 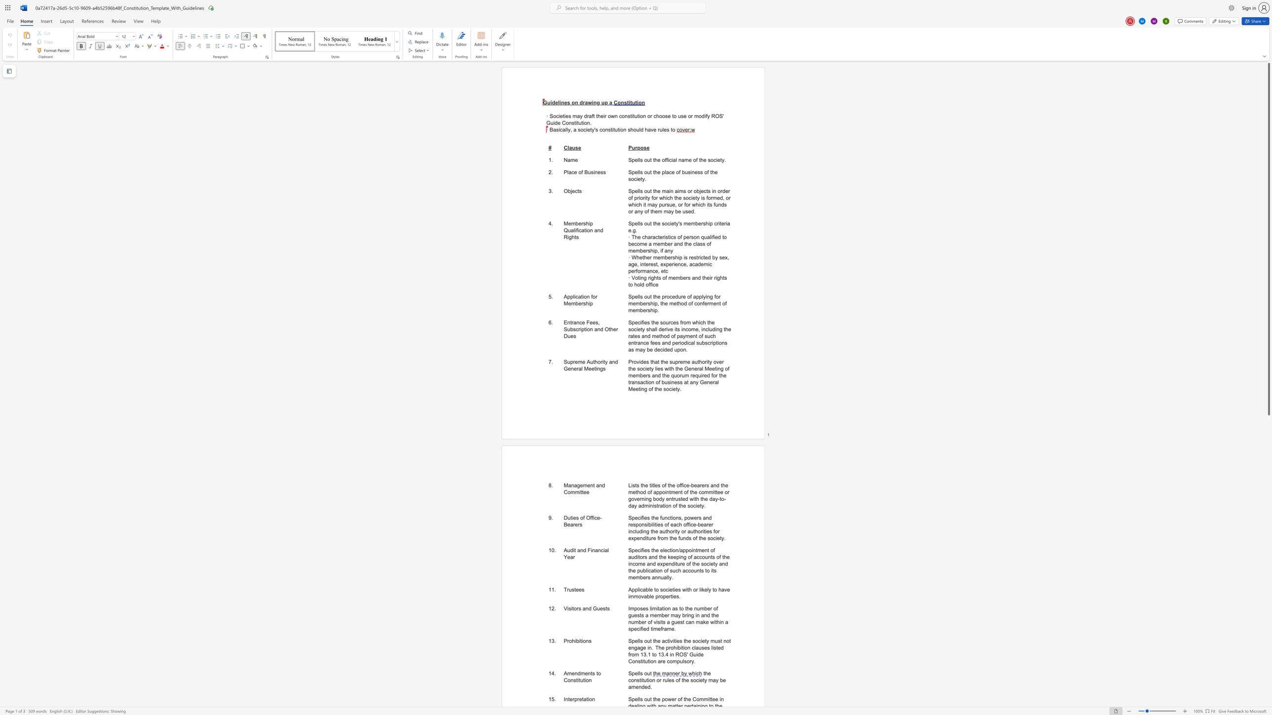 I want to click on the subset text "Other Du" within the text "Entrance Fees, Subscription and Other Dues", so click(x=604, y=329).